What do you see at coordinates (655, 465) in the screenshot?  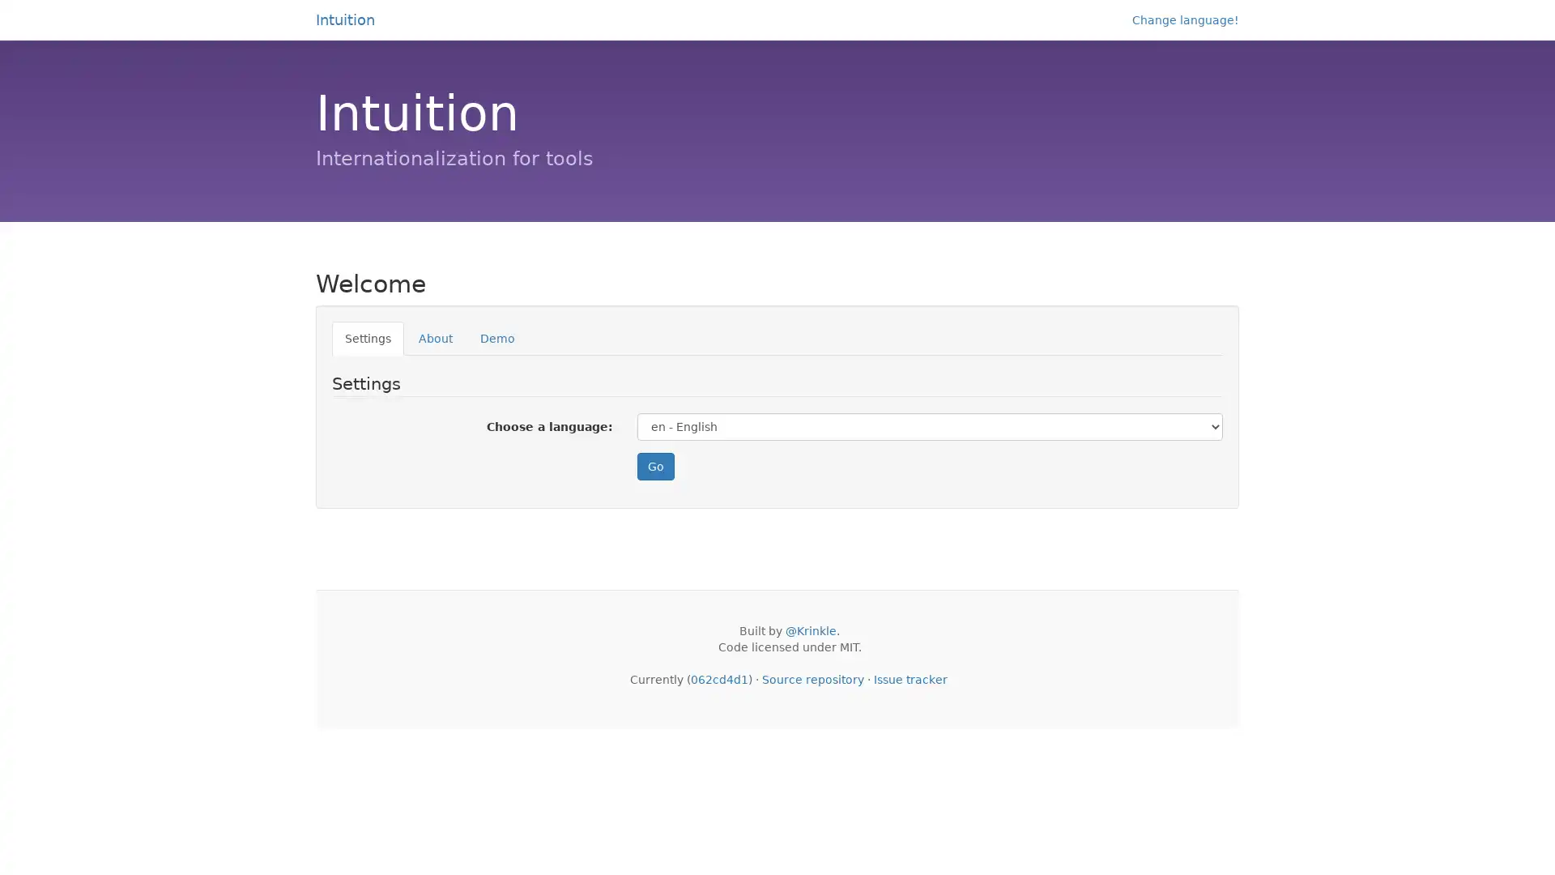 I see `Go` at bounding box center [655, 465].